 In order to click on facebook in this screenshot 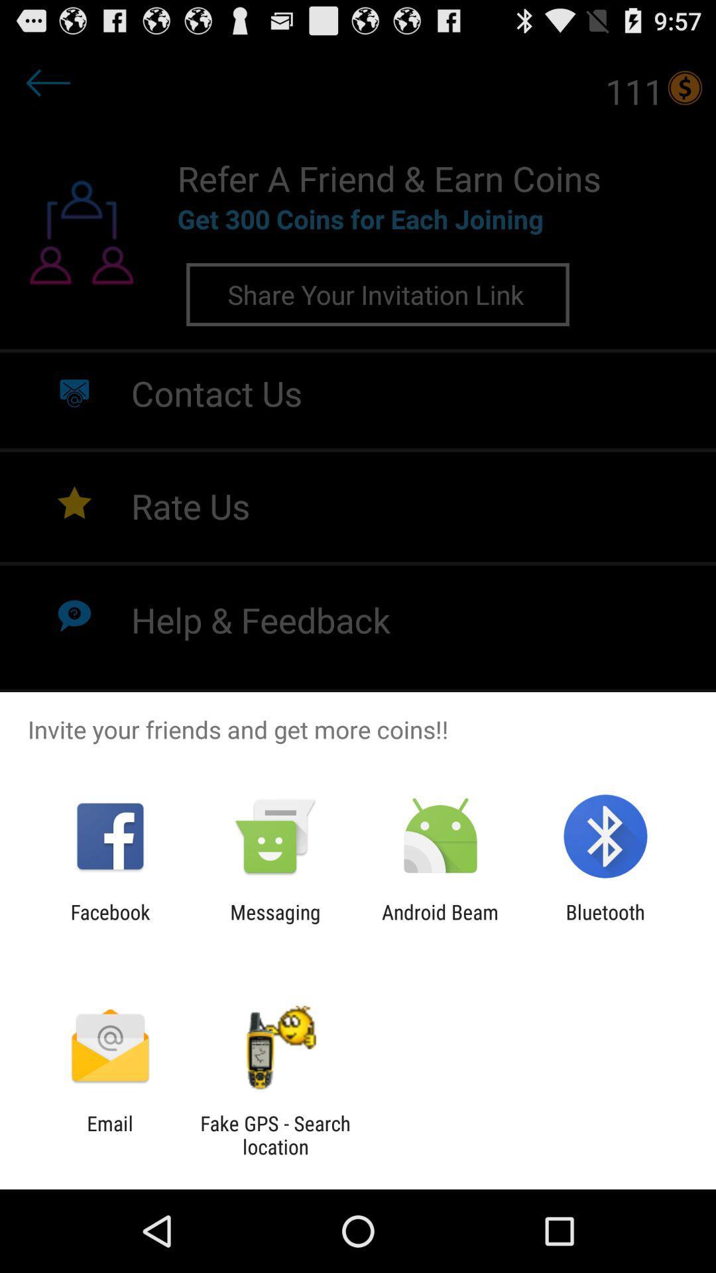, I will do `click(109, 923)`.